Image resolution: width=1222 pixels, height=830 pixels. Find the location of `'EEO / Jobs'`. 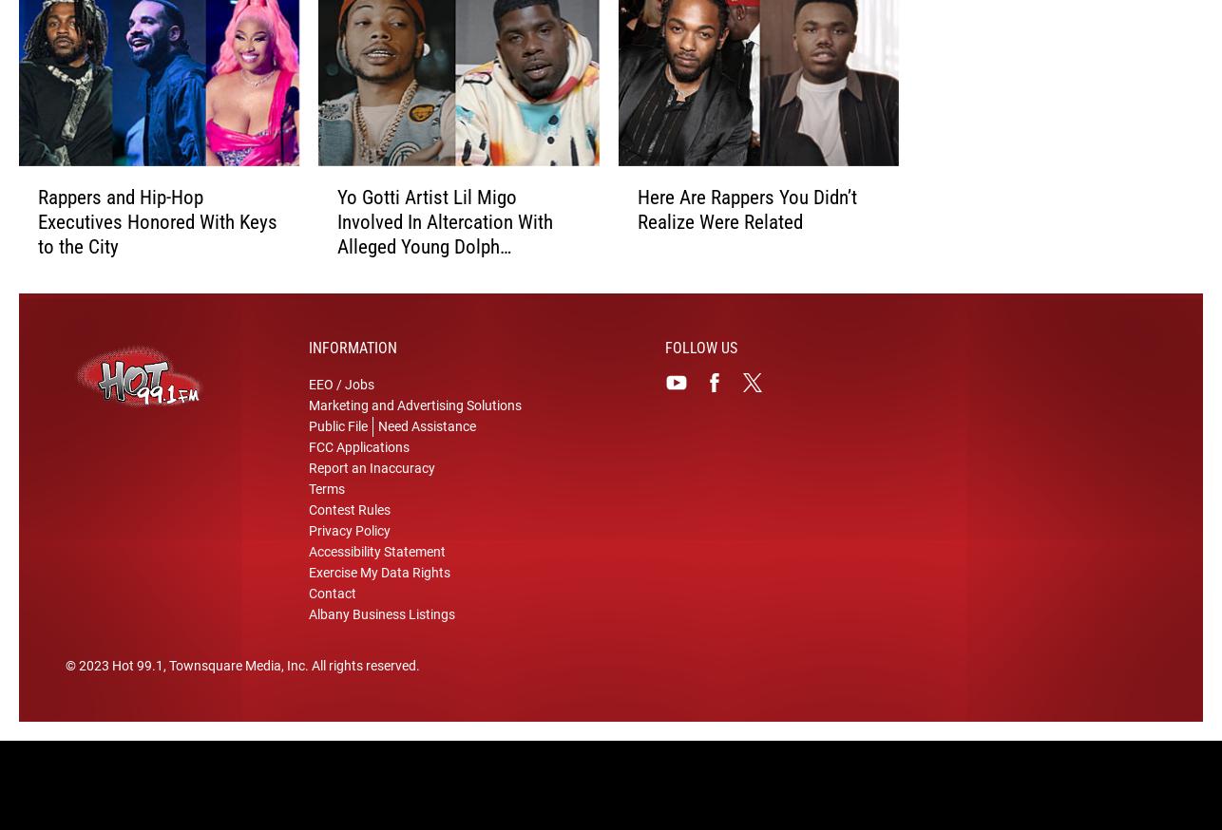

'EEO / Jobs' is located at coordinates (340, 393).